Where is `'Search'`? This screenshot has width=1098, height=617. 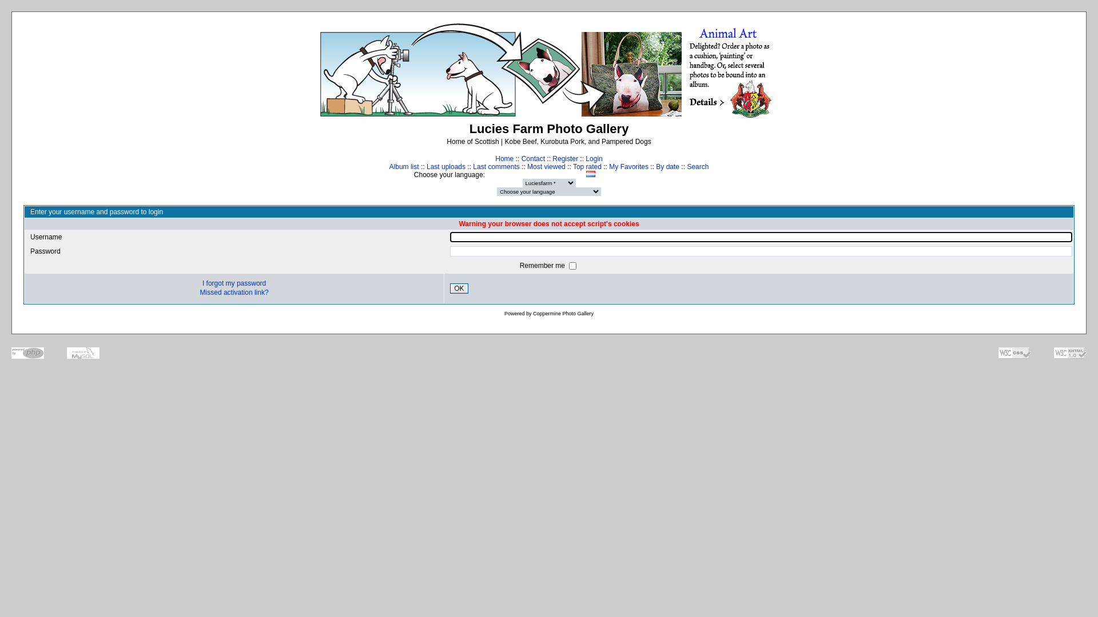 'Search' is located at coordinates (697, 167).